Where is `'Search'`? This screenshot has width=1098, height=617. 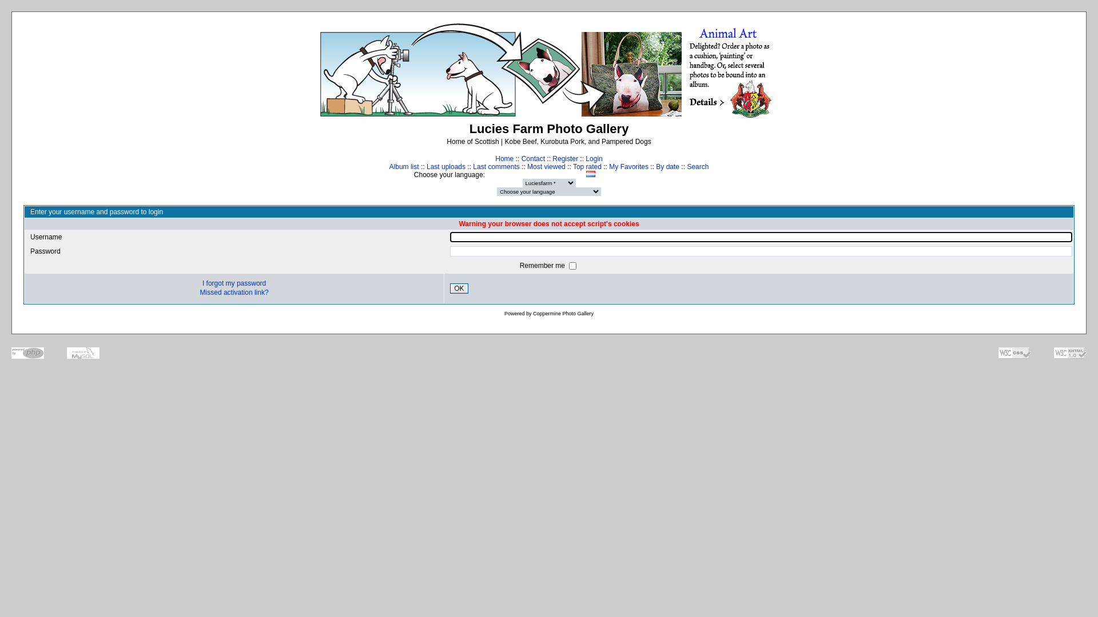 'Search' is located at coordinates (697, 167).